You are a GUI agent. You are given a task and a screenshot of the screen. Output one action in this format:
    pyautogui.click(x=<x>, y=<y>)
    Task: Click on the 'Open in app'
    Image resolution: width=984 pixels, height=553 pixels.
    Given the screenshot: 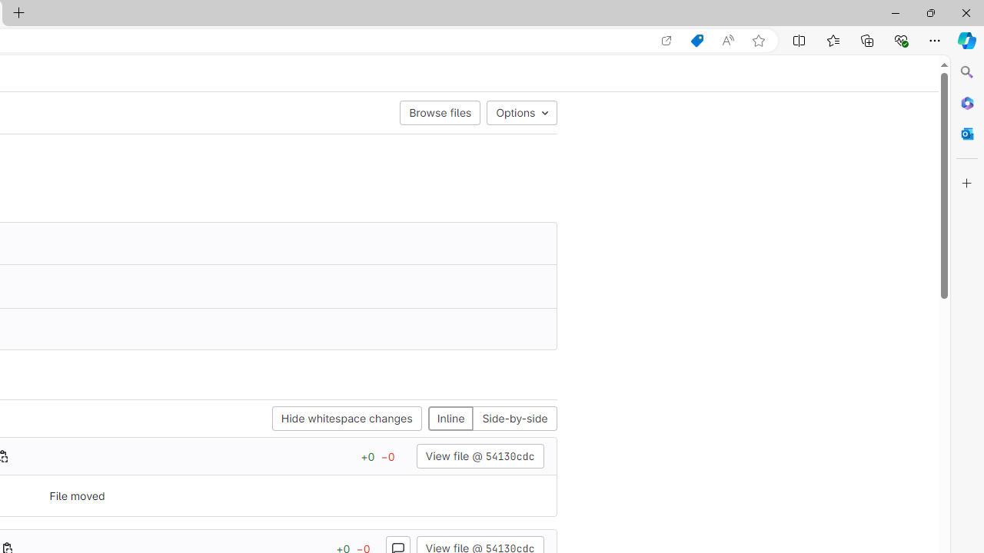 What is the action you would take?
    pyautogui.click(x=667, y=40)
    